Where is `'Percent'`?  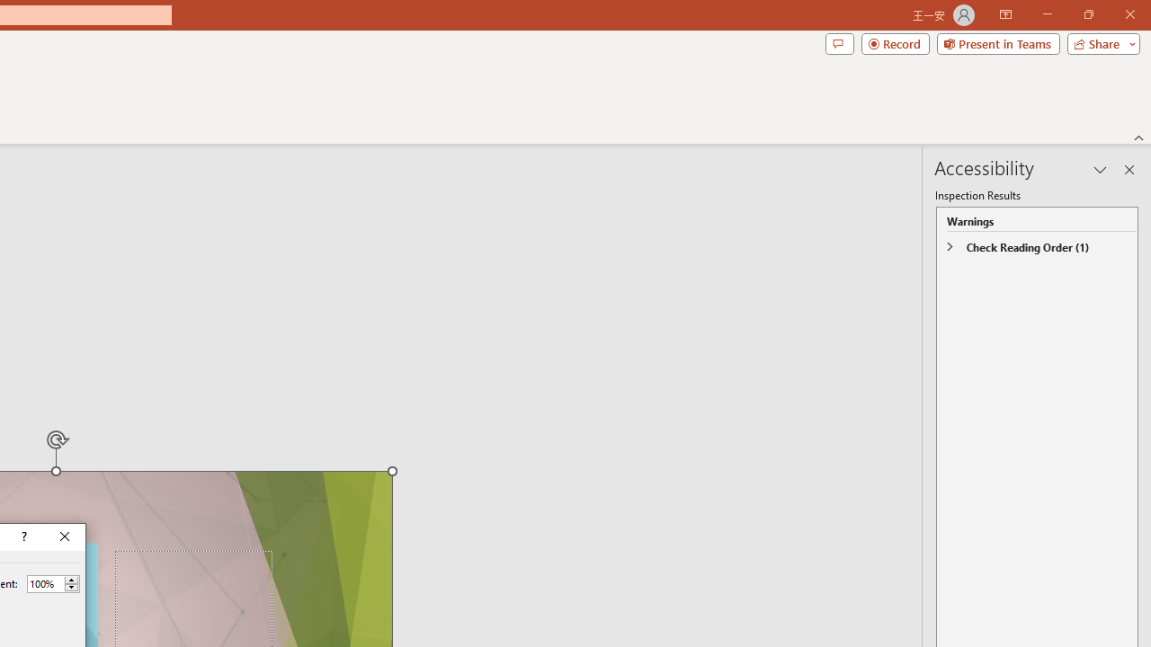
'Percent' is located at coordinates (53, 584).